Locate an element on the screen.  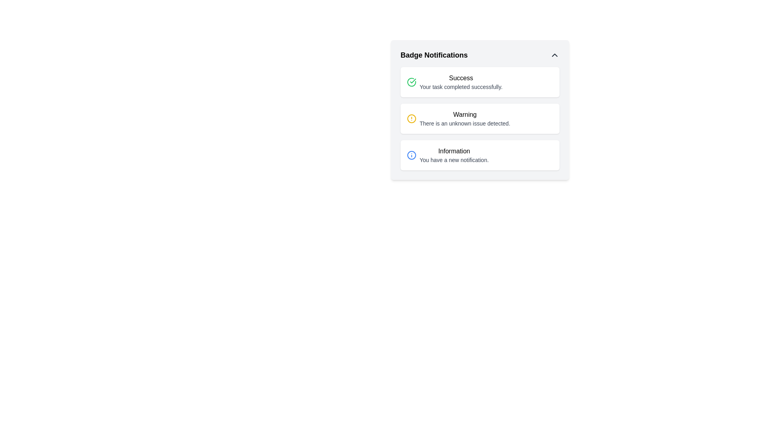
information displayed in the Notification card with a green checkmark icon, bold title 'Success', and message 'Your task completed successfully.' is located at coordinates (480, 82).